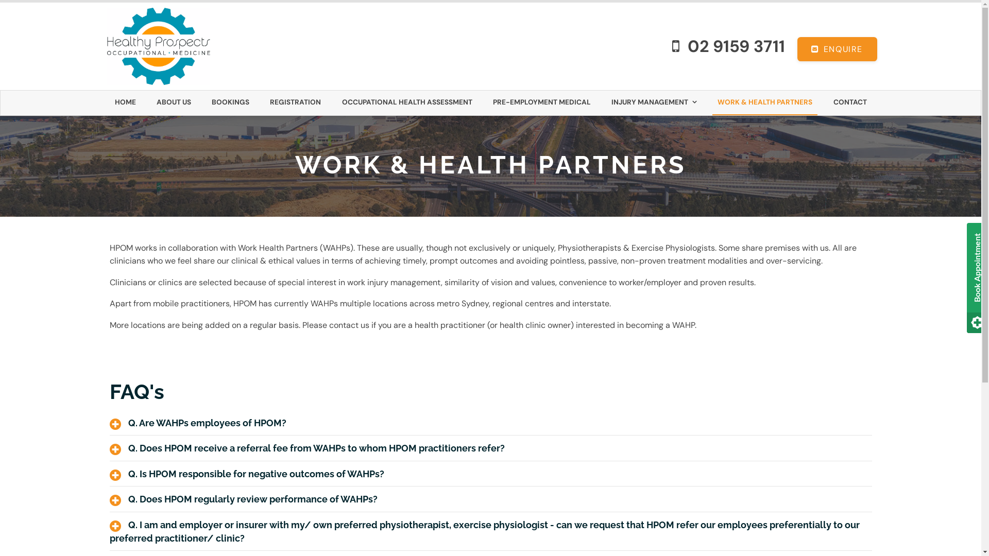  I want to click on 'ABOUT US', so click(174, 103).